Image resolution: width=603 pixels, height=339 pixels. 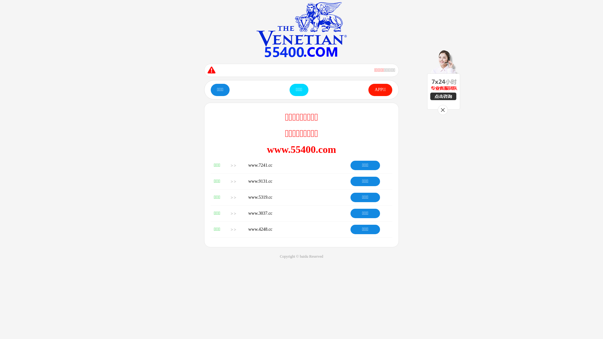 What do you see at coordinates (260, 229) in the screenshot?
I see `'www.4248.cc'` at bounding box center [260, 229].